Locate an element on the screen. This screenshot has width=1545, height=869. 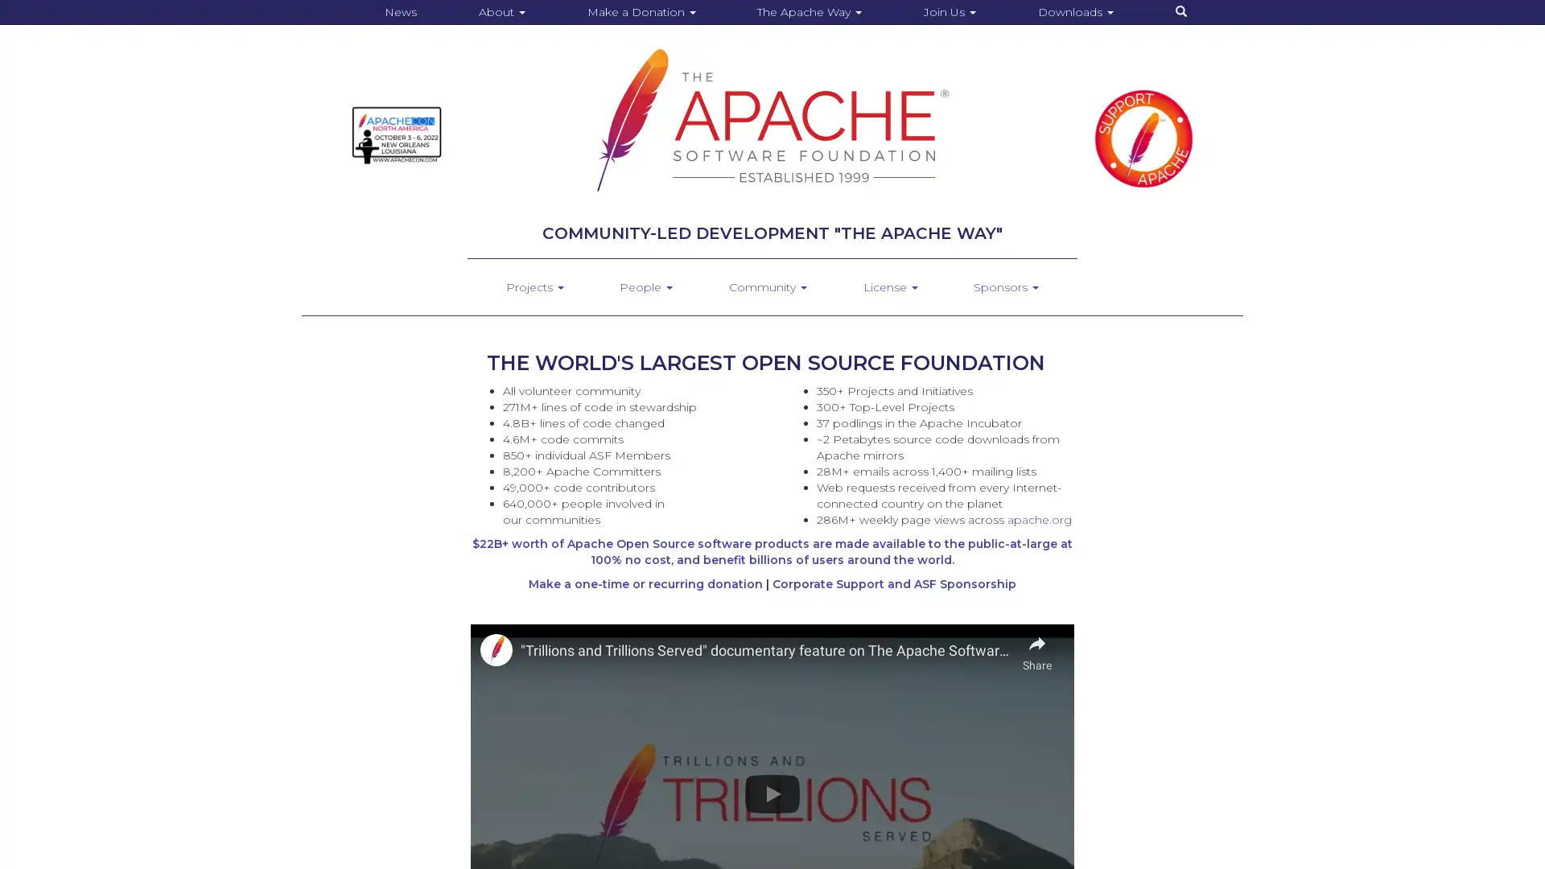
License is located at coordinates (888, 286).